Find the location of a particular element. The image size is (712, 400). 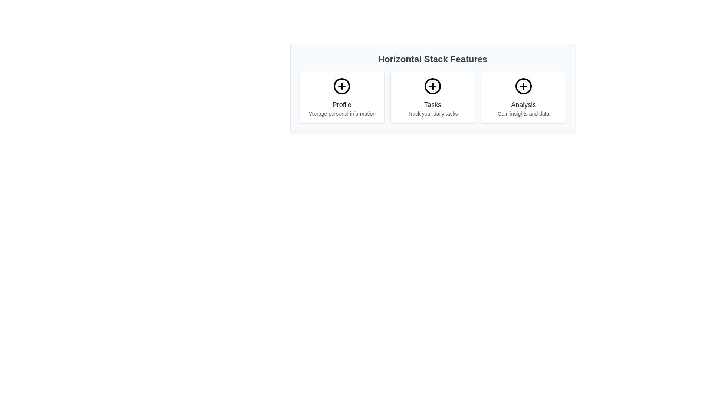

the descriptive caption text element located directly below the 'Tasks' text in the central card of three horizontally aligned cards is located at coordinates (432, 114).